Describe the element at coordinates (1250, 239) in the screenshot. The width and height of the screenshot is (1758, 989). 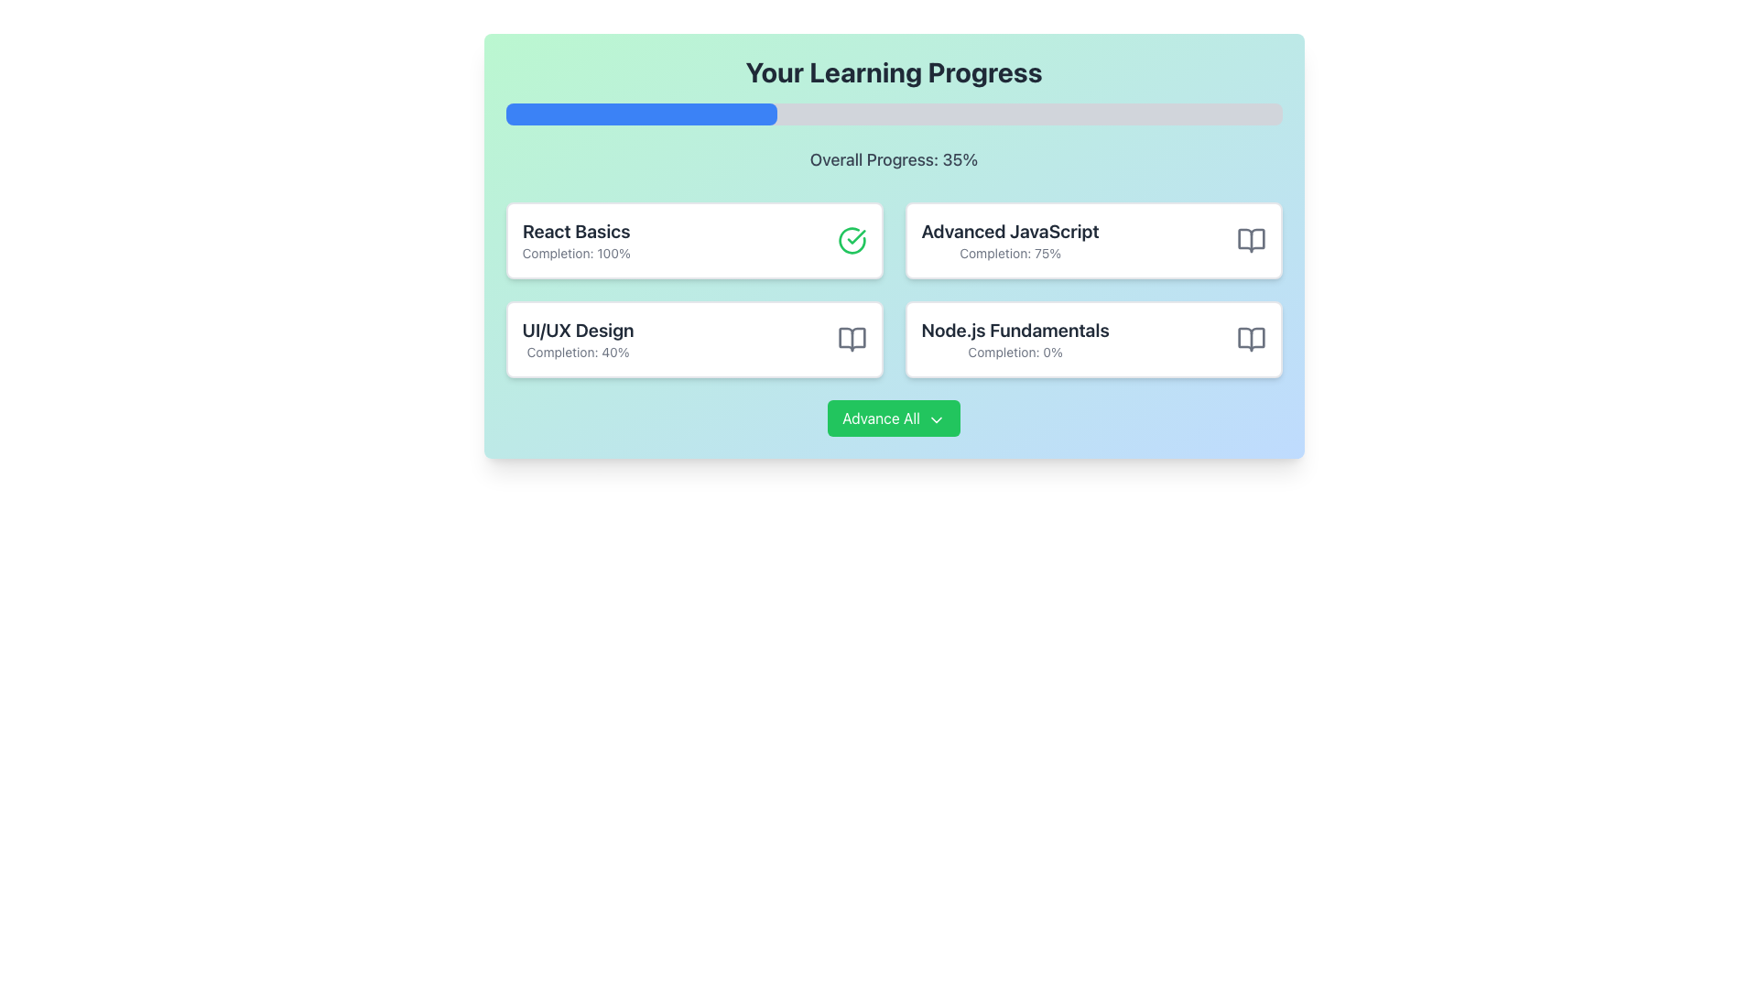
I see `the left page of the open book icon, which is part of the learning module group next to 'Advanced JavaScript'` at that location.